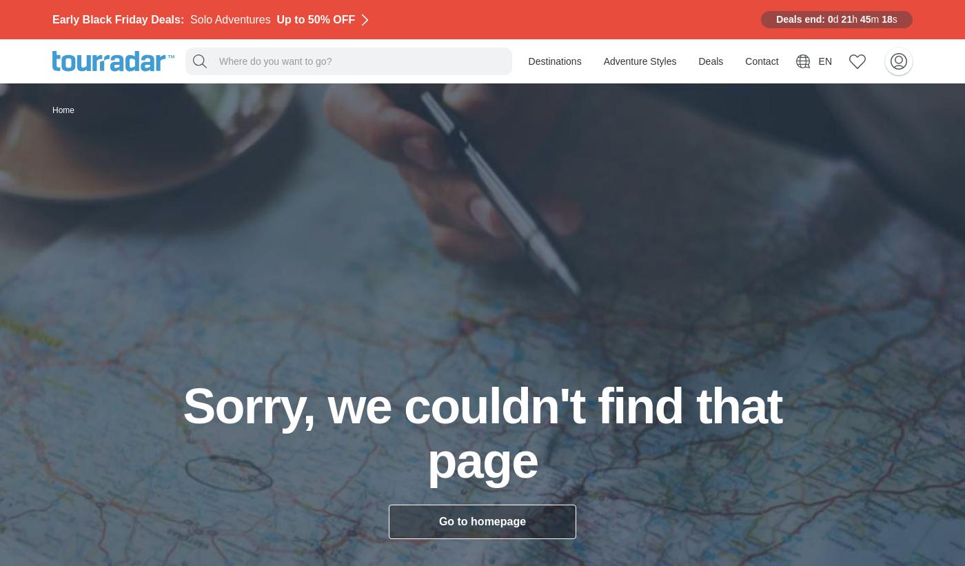 This screenshot has height=566, width=965. What do you see at coordinates (121, 18) in the screenshot?
I see `'Early Black Friday Deals:'` at bounding box center [121, 18].